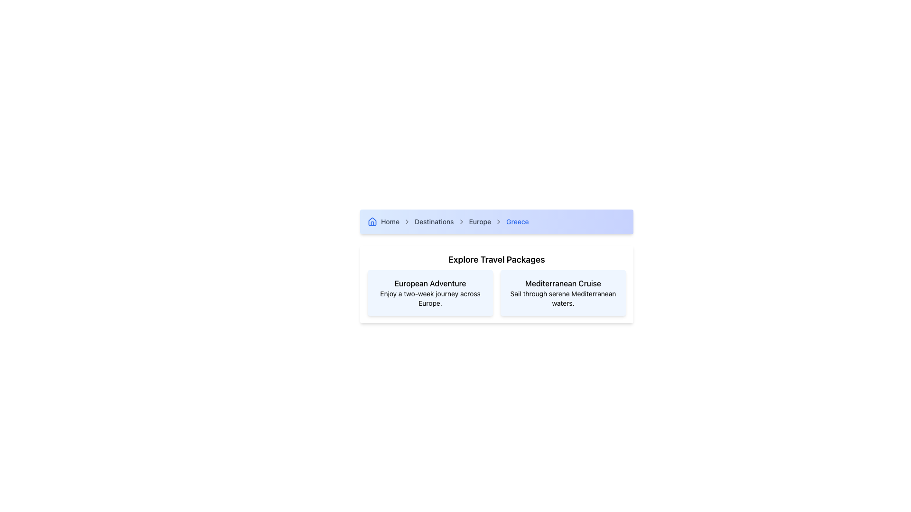 This screenshot has width=911, height=512. What do you see at coordinates (496, 221) in the screenshot?
I see `an individual breadcrumb in the Breadcrumb Navigation Bar` at bounding box center [496, 221].